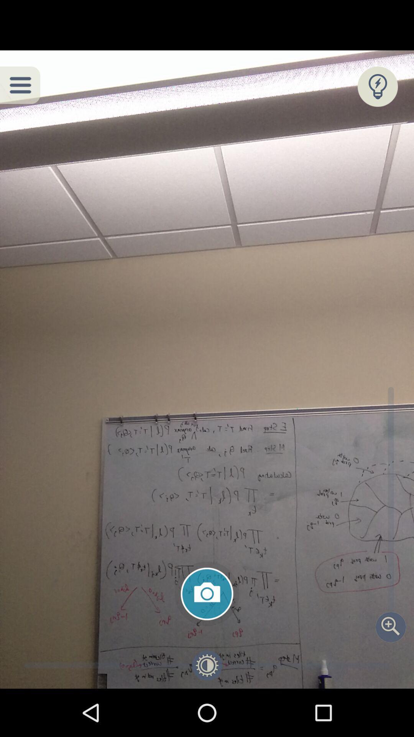 The height and width of the screenshot is (737, 414). I want to click on flash, so click(377, 86).